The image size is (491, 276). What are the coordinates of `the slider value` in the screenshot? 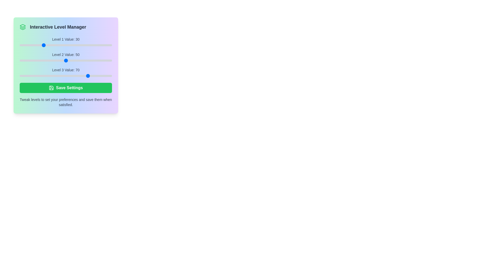 It's located at (34, 60).